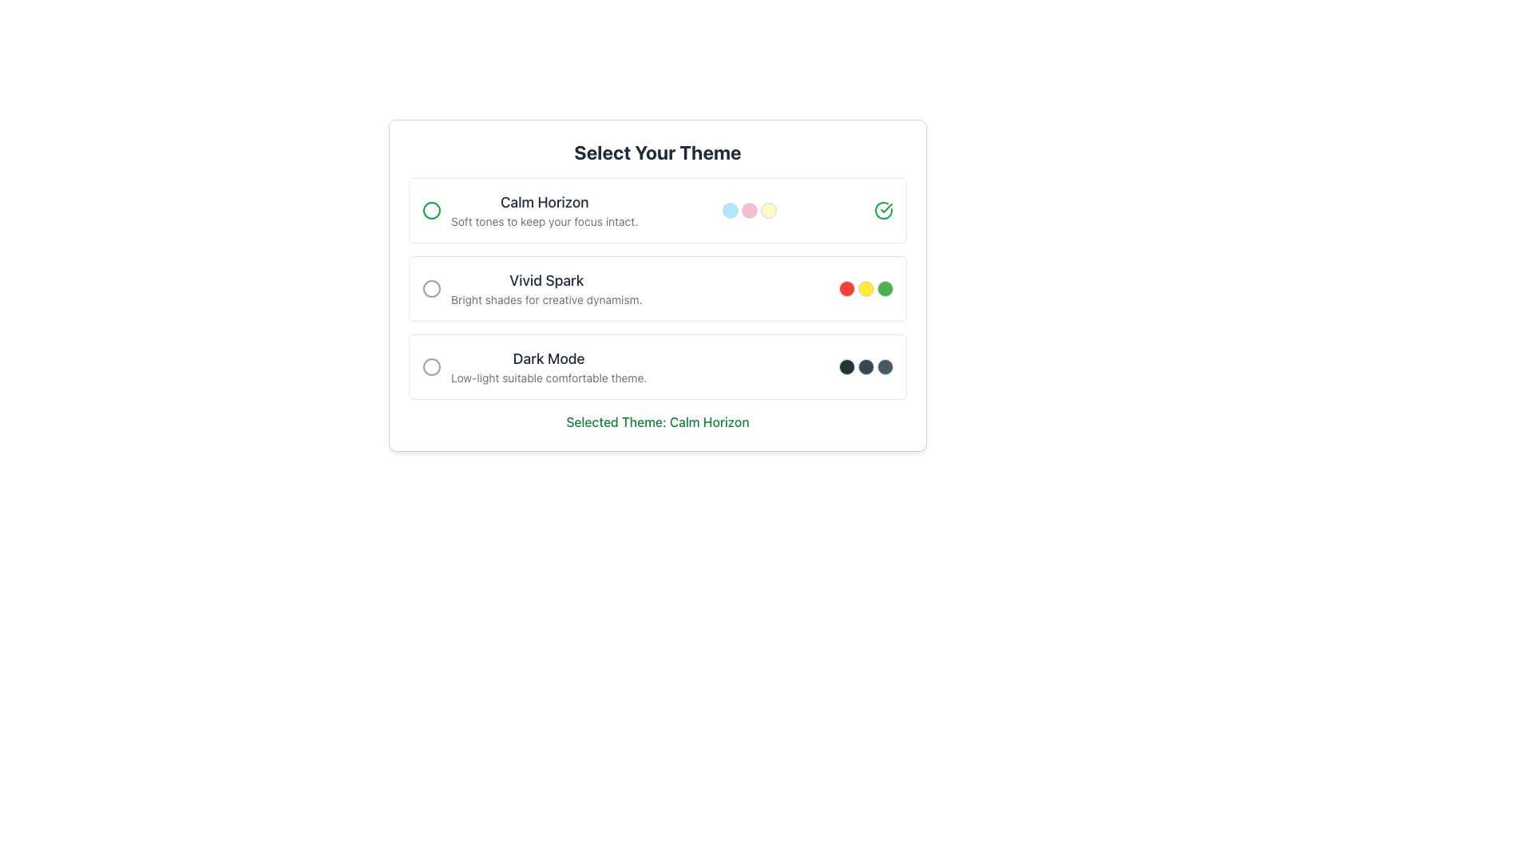 Image resolution: width=1533 pixels, height=862 pixels. Describe the element at coordinates (883, 209) in the screenshot. I see `the green circular check icon located in the top-right corner of the 'Calm Horizon' card to confirm selection` at that location.